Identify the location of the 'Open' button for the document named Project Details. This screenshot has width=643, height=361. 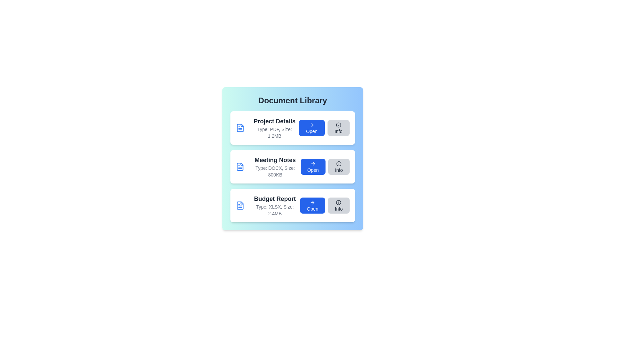
(311, 128).